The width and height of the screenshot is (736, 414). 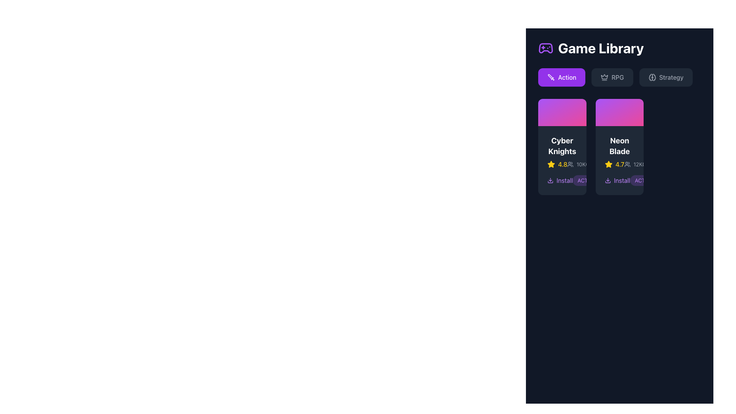 What do you see at coordinates (604, 77) in the screenshot?
I see `the decorative RPG category icon located to the left of the text label 'RPG', which is centered within the category button in the Game Library section` at bounding box center [604, 77].